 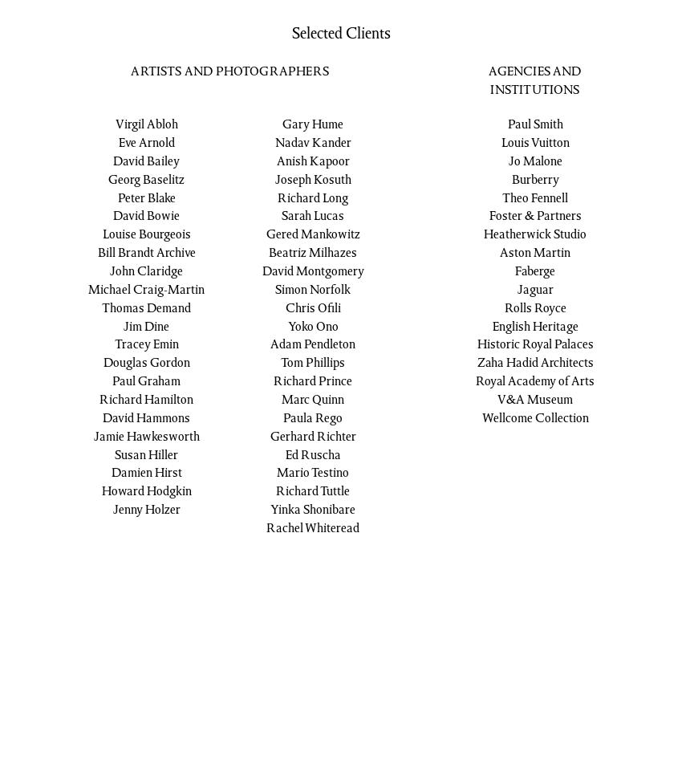 I want to click on 'John Claridge', so click(x=145, y=271).